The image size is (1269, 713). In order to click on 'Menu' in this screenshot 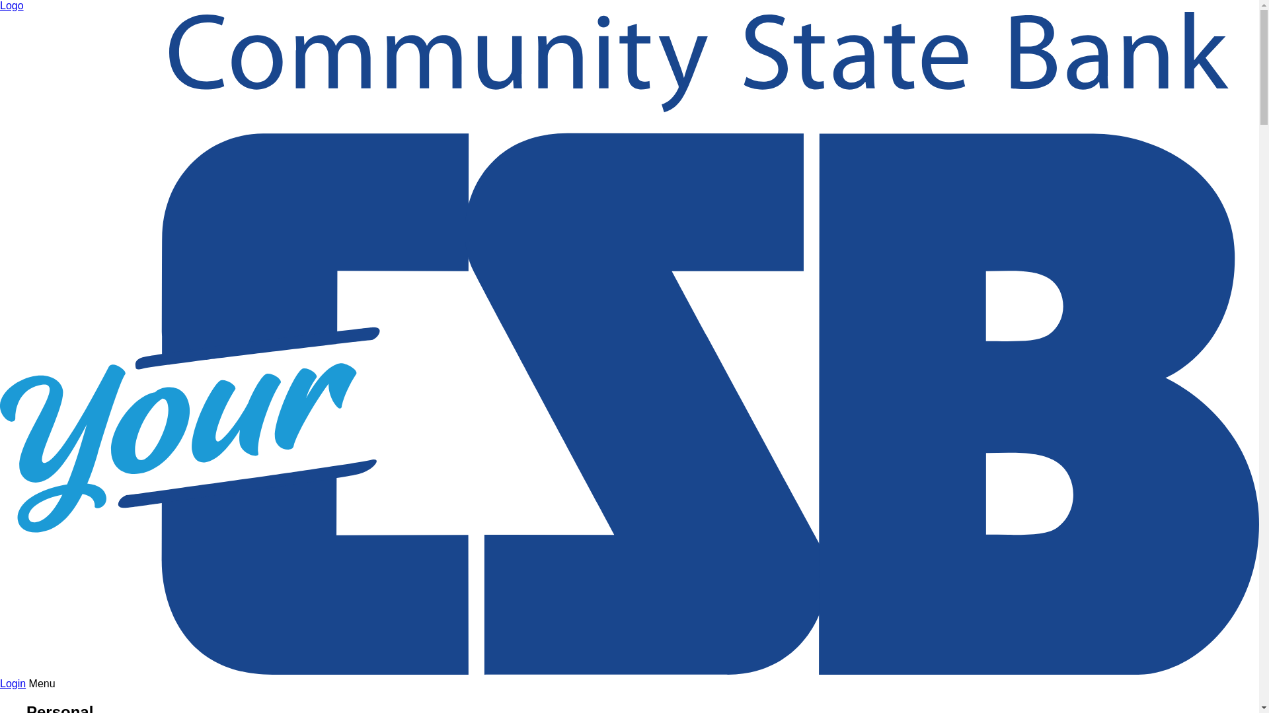, I will do `click(42, 683)`.